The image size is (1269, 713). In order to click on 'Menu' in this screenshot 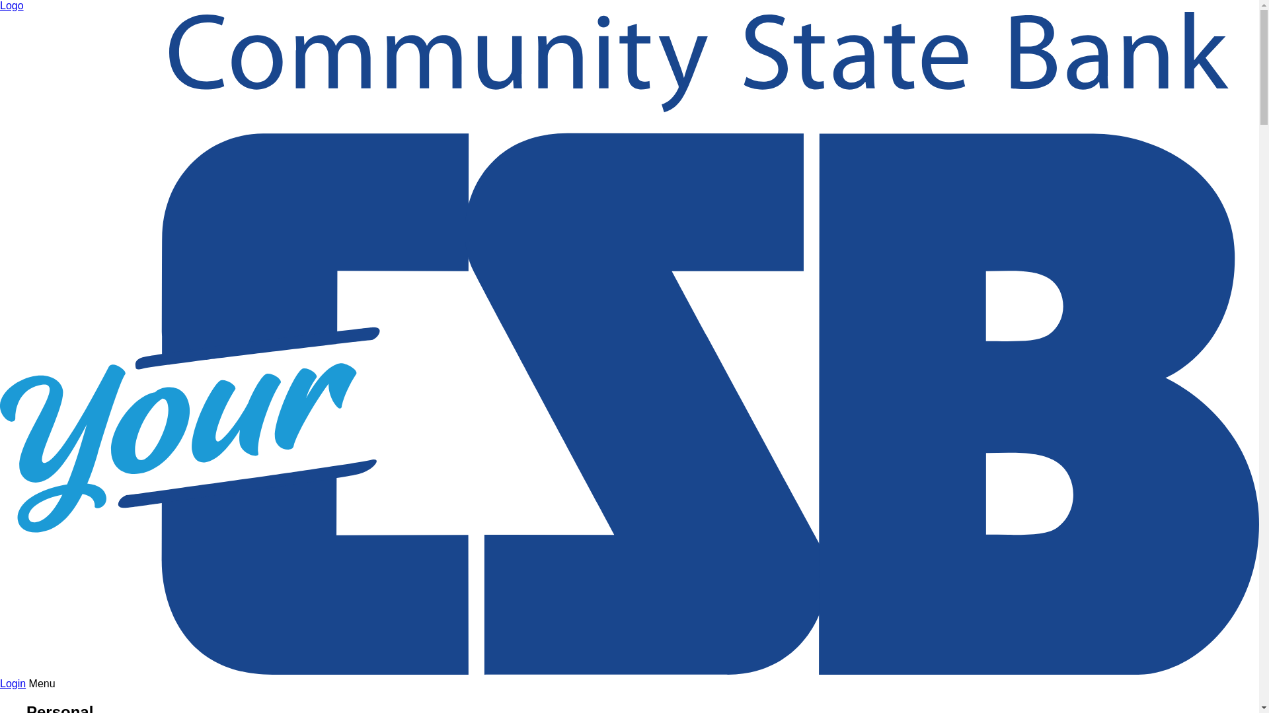, I will do `click(42, 683)`.